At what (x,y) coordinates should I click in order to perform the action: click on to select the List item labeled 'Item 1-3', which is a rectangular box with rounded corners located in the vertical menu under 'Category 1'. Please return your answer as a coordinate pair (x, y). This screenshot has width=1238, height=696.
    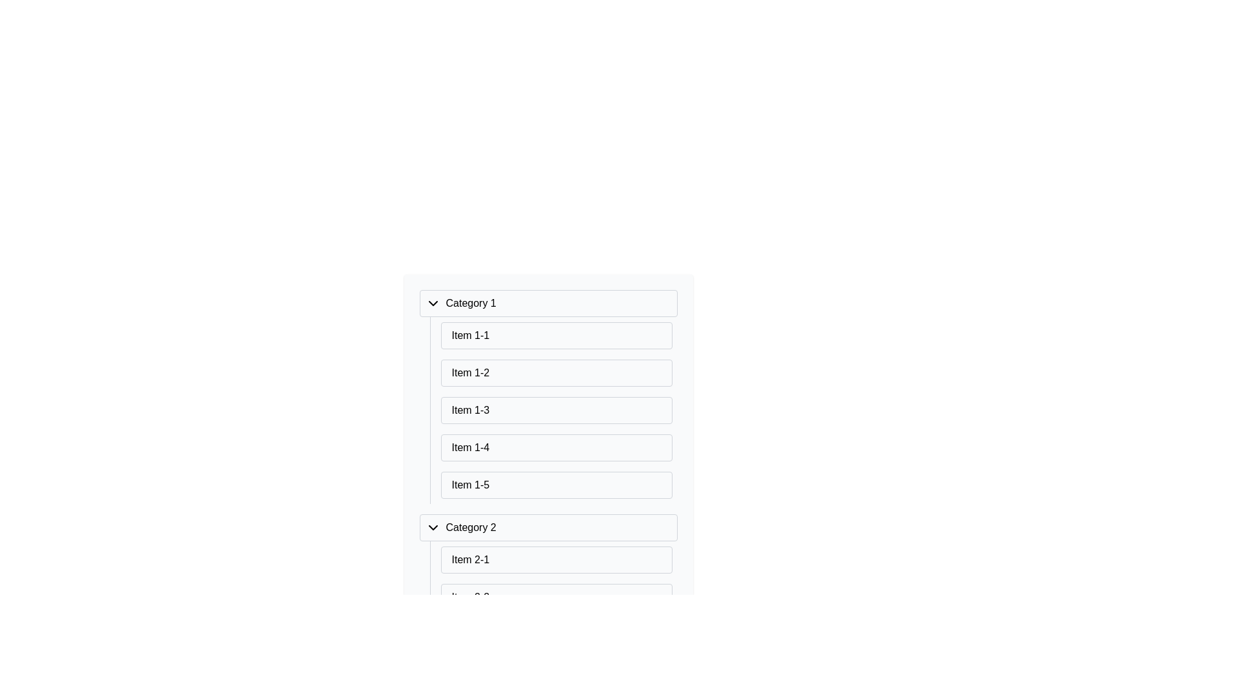
    Looking at the image, I should click on (556, 410).